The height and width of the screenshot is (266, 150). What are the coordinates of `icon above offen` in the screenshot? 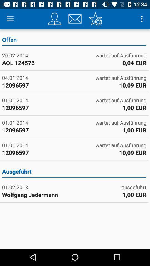 It's located at (142, 19).